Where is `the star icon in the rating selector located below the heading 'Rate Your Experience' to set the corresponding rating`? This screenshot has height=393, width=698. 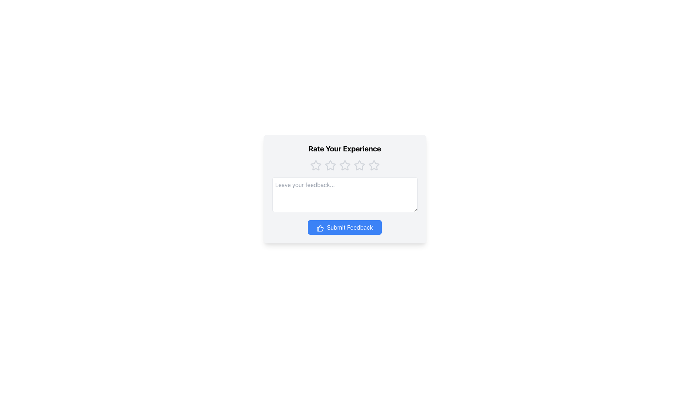
the star icon in the rating selector located below the heading 'Rate Your Experience' to set the corresponding rating is located at coordinates (344, 166).